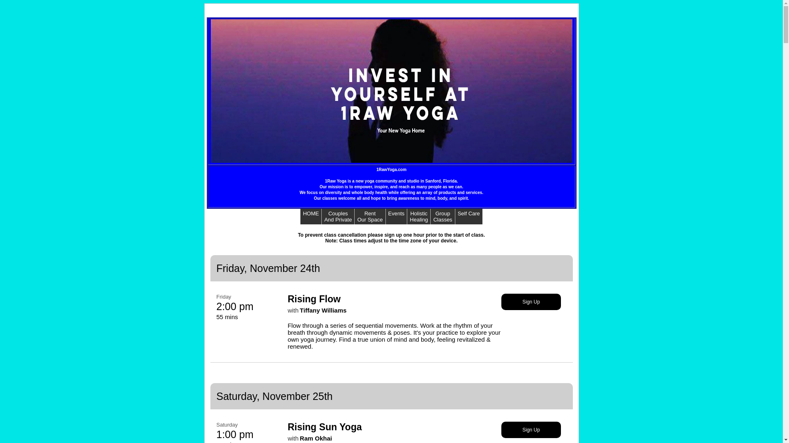  I want to click on 'Sign Up', so click(501, 429).